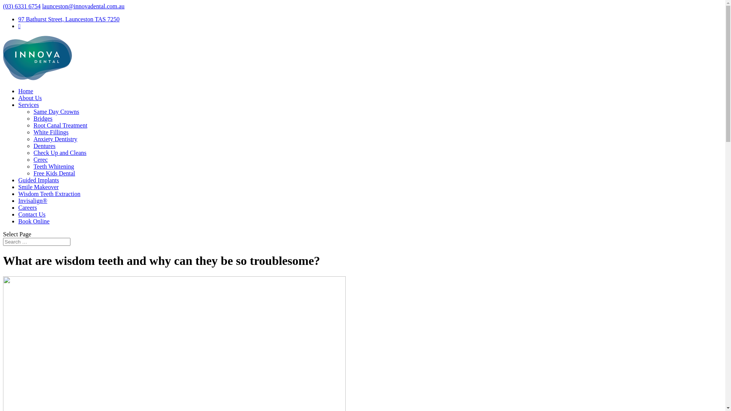  I want to click on 'Teeth Whitening', so click(53, 166).